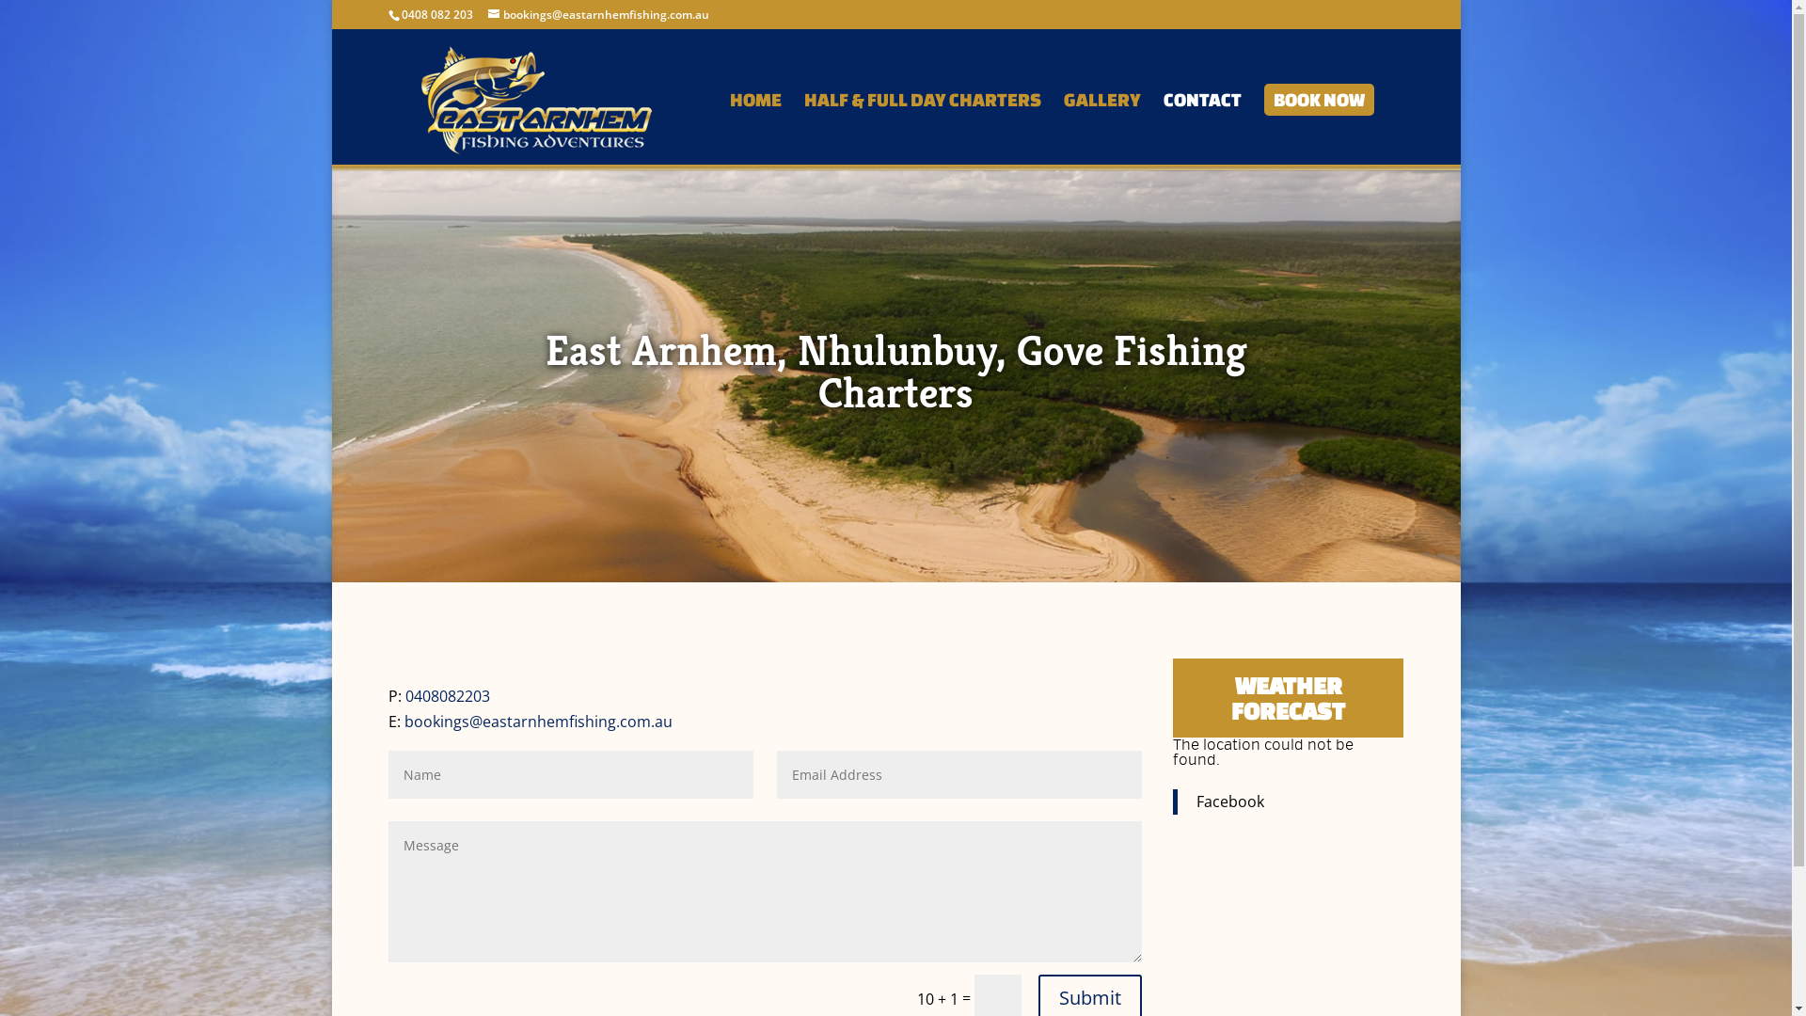 The width and height of the screenshot is (1806, 1016). What do you see at coordinates (1229, 802) in the screenshot?
I see `'Facebook'` at bounding box center [1229, 802].